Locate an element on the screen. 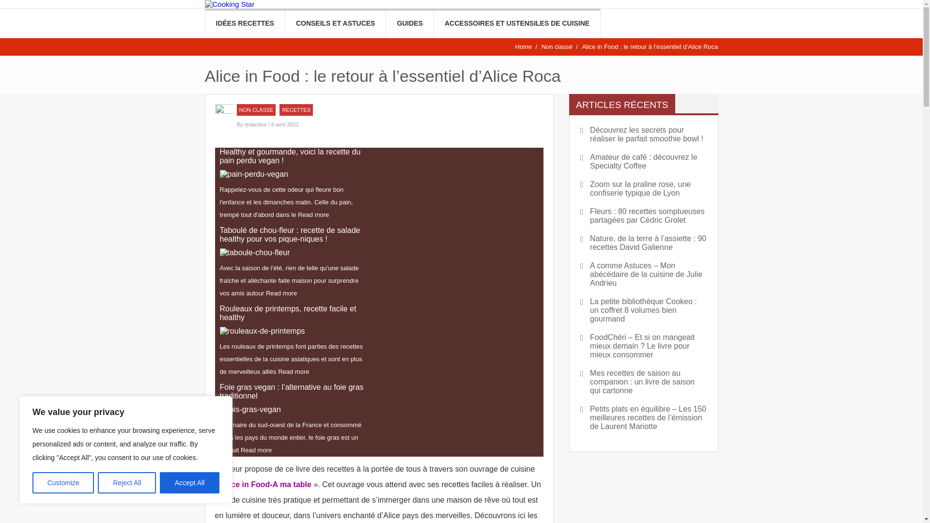  'Rouleaux de printemps, recette facile et healthy' is located at coordinates (263, 330).